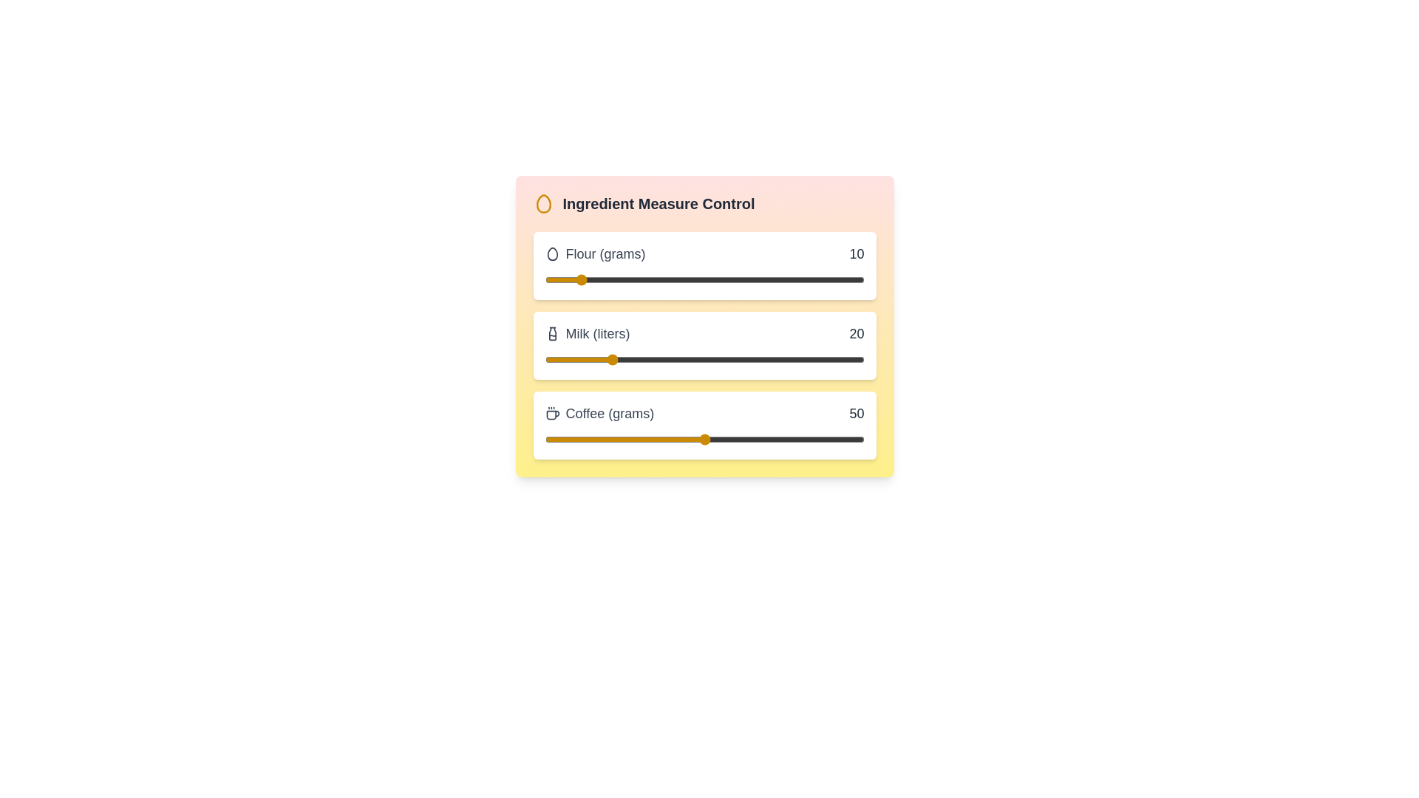 The height and width of the screenshot is (798, 1419). I want to click on the milk quantity, so click(740, 359).